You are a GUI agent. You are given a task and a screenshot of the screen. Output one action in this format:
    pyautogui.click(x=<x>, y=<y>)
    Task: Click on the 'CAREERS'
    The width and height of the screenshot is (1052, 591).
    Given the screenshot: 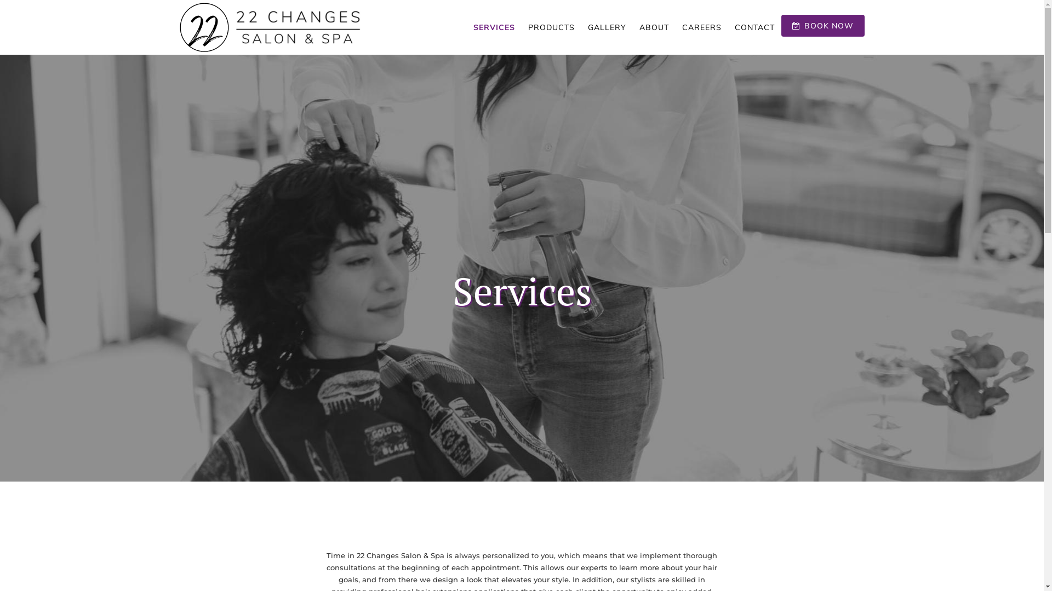 What is the action you would take?
    pyautogui.click(x=701, y=27)
    